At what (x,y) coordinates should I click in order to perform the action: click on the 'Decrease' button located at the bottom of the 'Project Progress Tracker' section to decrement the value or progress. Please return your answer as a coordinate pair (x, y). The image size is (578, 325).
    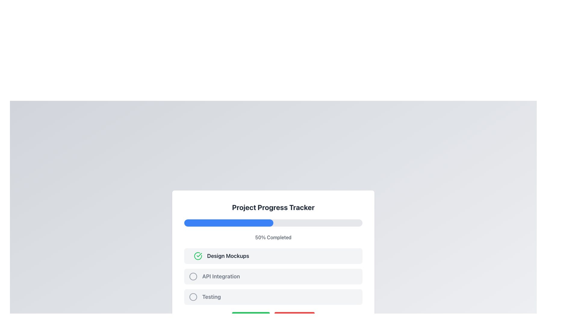
    Looking at the image, I should click on (273, 317).